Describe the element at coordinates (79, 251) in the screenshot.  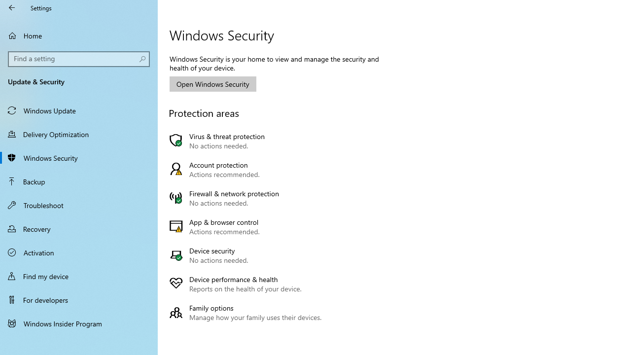
I see `'Activation'` at that location.